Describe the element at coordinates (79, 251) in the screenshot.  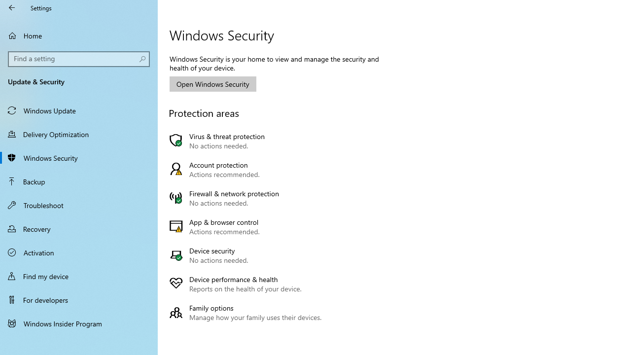
I see `'Activation'` at that location.